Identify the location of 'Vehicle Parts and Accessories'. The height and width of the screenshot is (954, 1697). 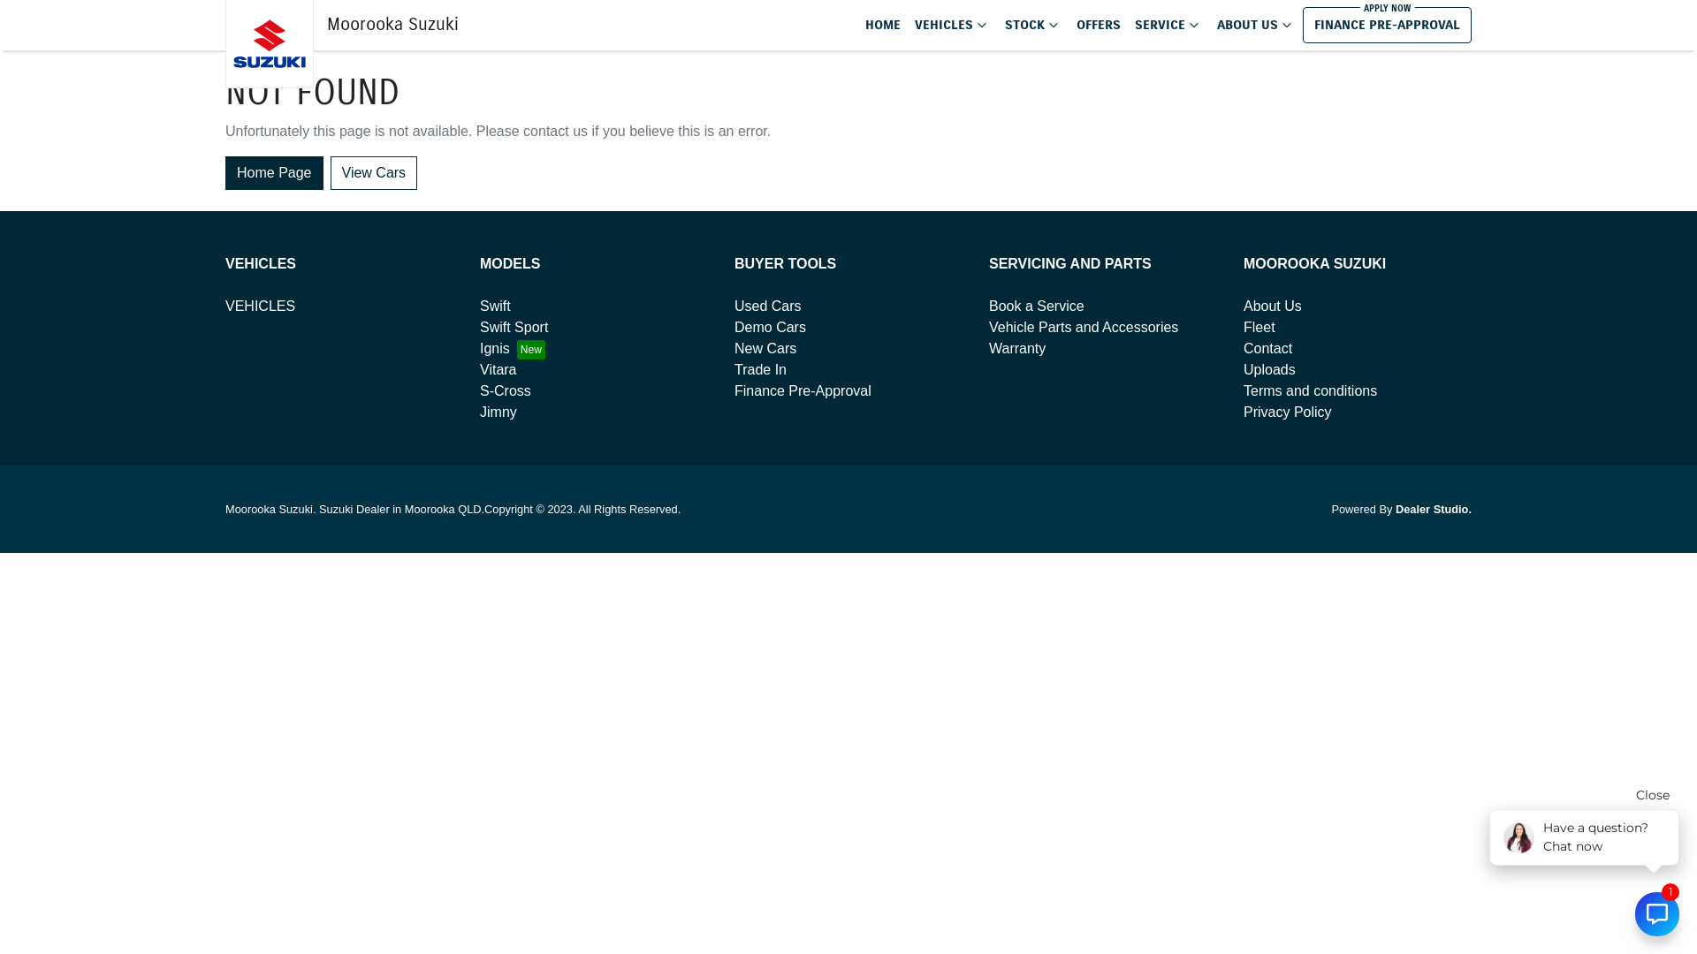
(1082, 327).